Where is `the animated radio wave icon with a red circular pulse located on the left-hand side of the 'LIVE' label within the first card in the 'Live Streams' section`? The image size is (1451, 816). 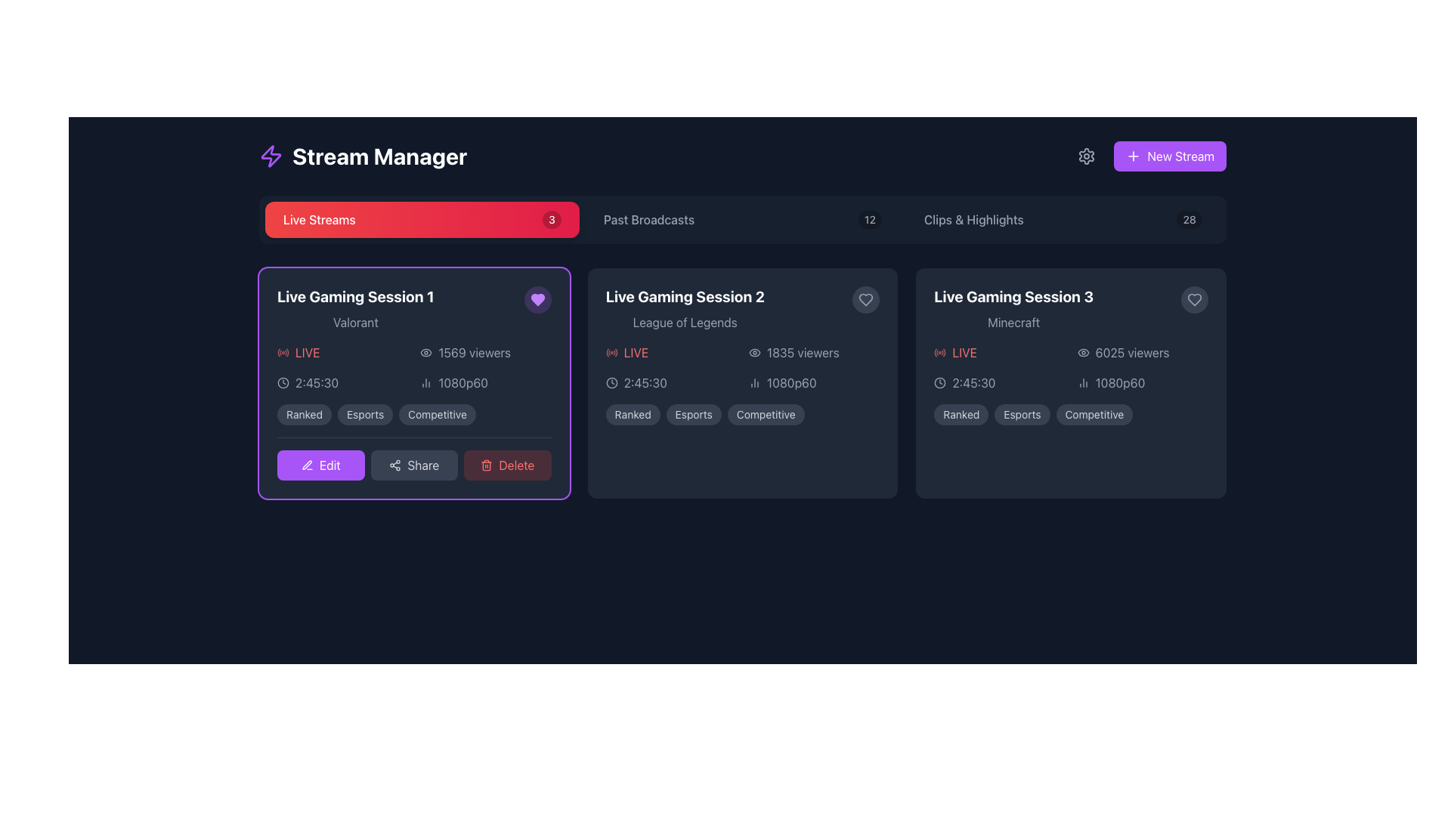
the animated radio wave icon with a red circular pulse located on the left-hand side of the 'LIVE' label within the first card in the 'Live Streams' section is located at coordinates (283, 352).